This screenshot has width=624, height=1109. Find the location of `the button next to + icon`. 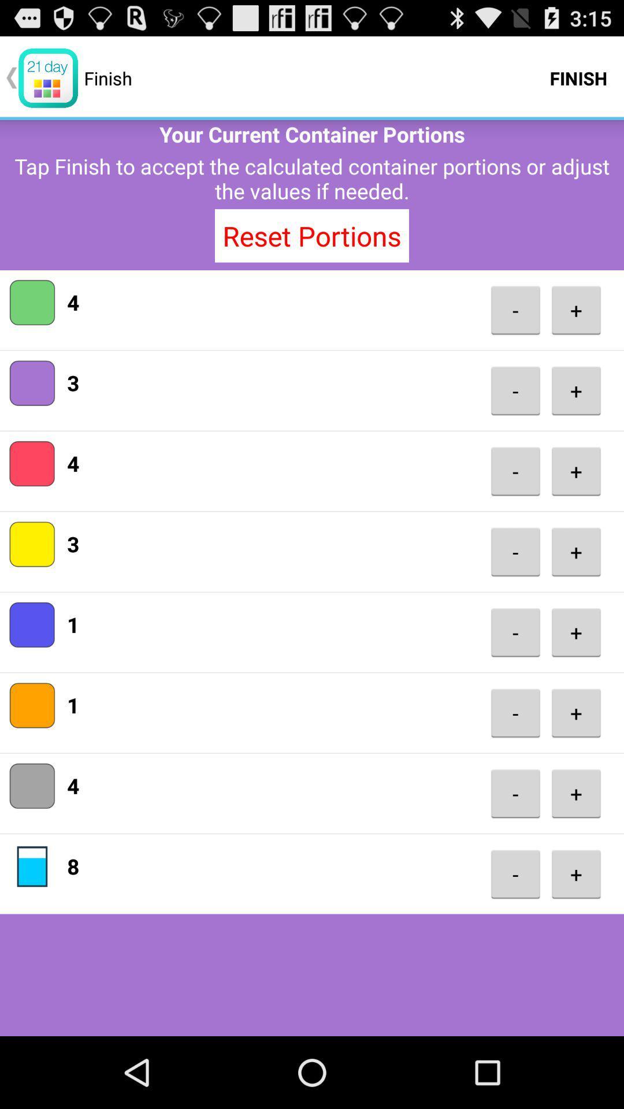

the button next to + icon is located at coordinates (515, 631).